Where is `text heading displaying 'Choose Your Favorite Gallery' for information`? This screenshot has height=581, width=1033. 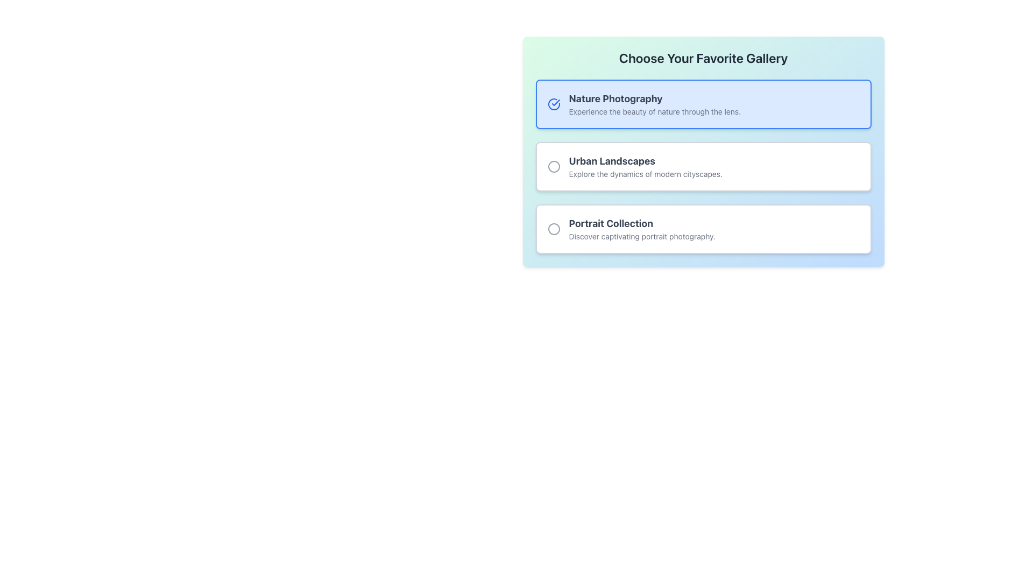 text heading displaying 'Choose Your Favorite Gallery' for information is located at coordinates (703, 58).